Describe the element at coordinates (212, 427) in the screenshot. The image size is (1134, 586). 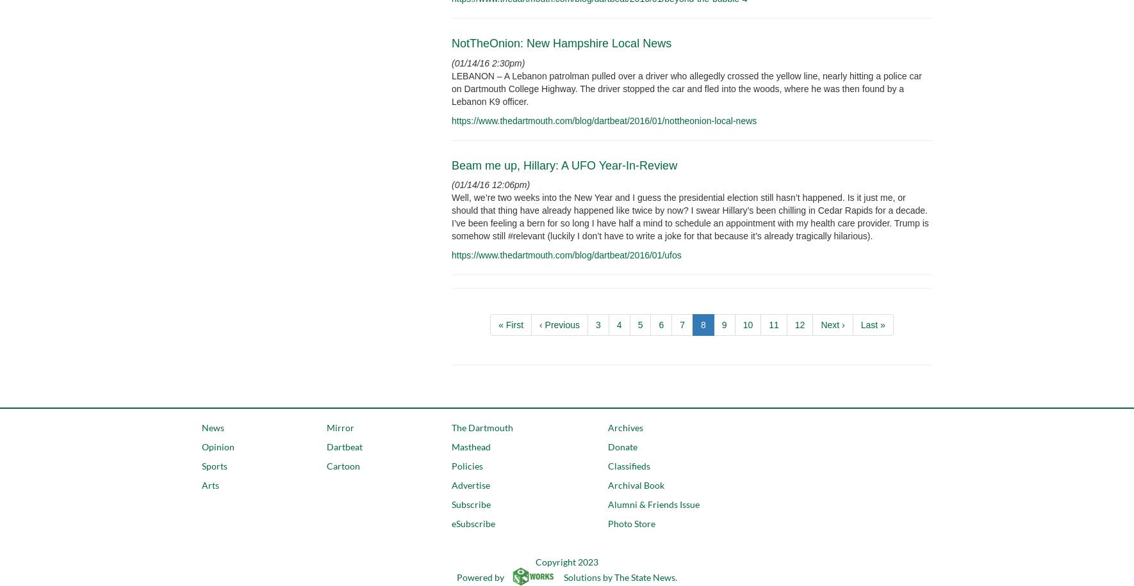
I see `'News'` at that location.